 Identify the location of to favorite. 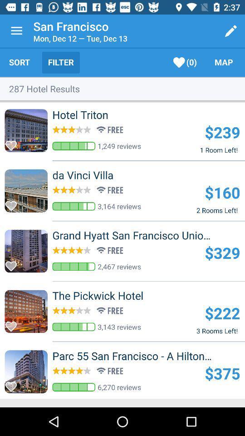
(13, 203).